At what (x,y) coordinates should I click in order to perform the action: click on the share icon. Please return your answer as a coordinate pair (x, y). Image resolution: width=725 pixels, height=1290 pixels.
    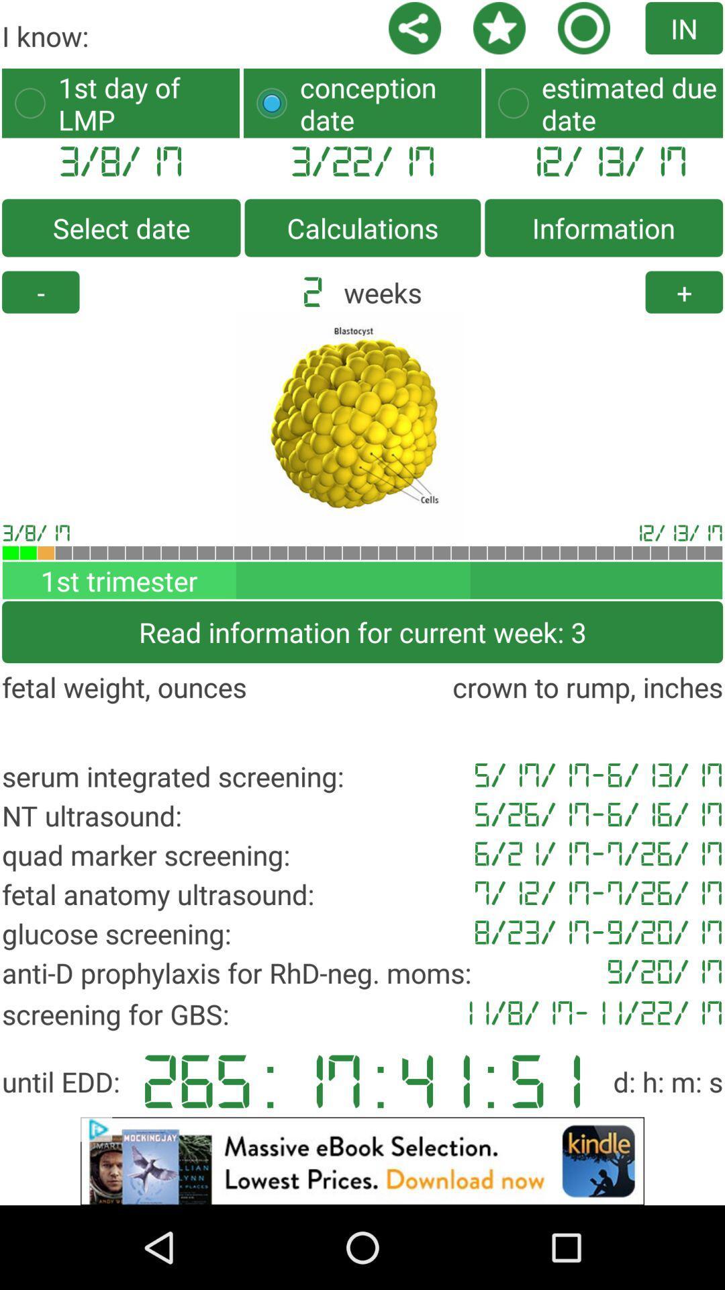
    Looking at the image, I should click on (398, 30).